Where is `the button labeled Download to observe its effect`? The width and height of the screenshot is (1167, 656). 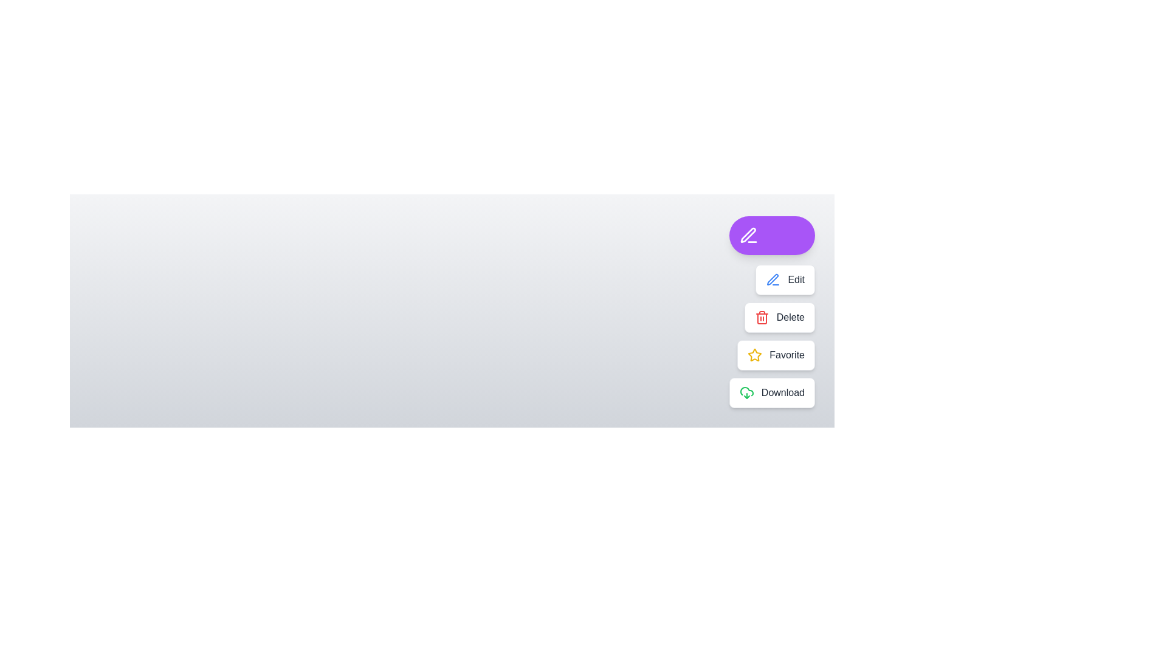 the button labeled Download to observe its effect is located at coordinates (771, 393).